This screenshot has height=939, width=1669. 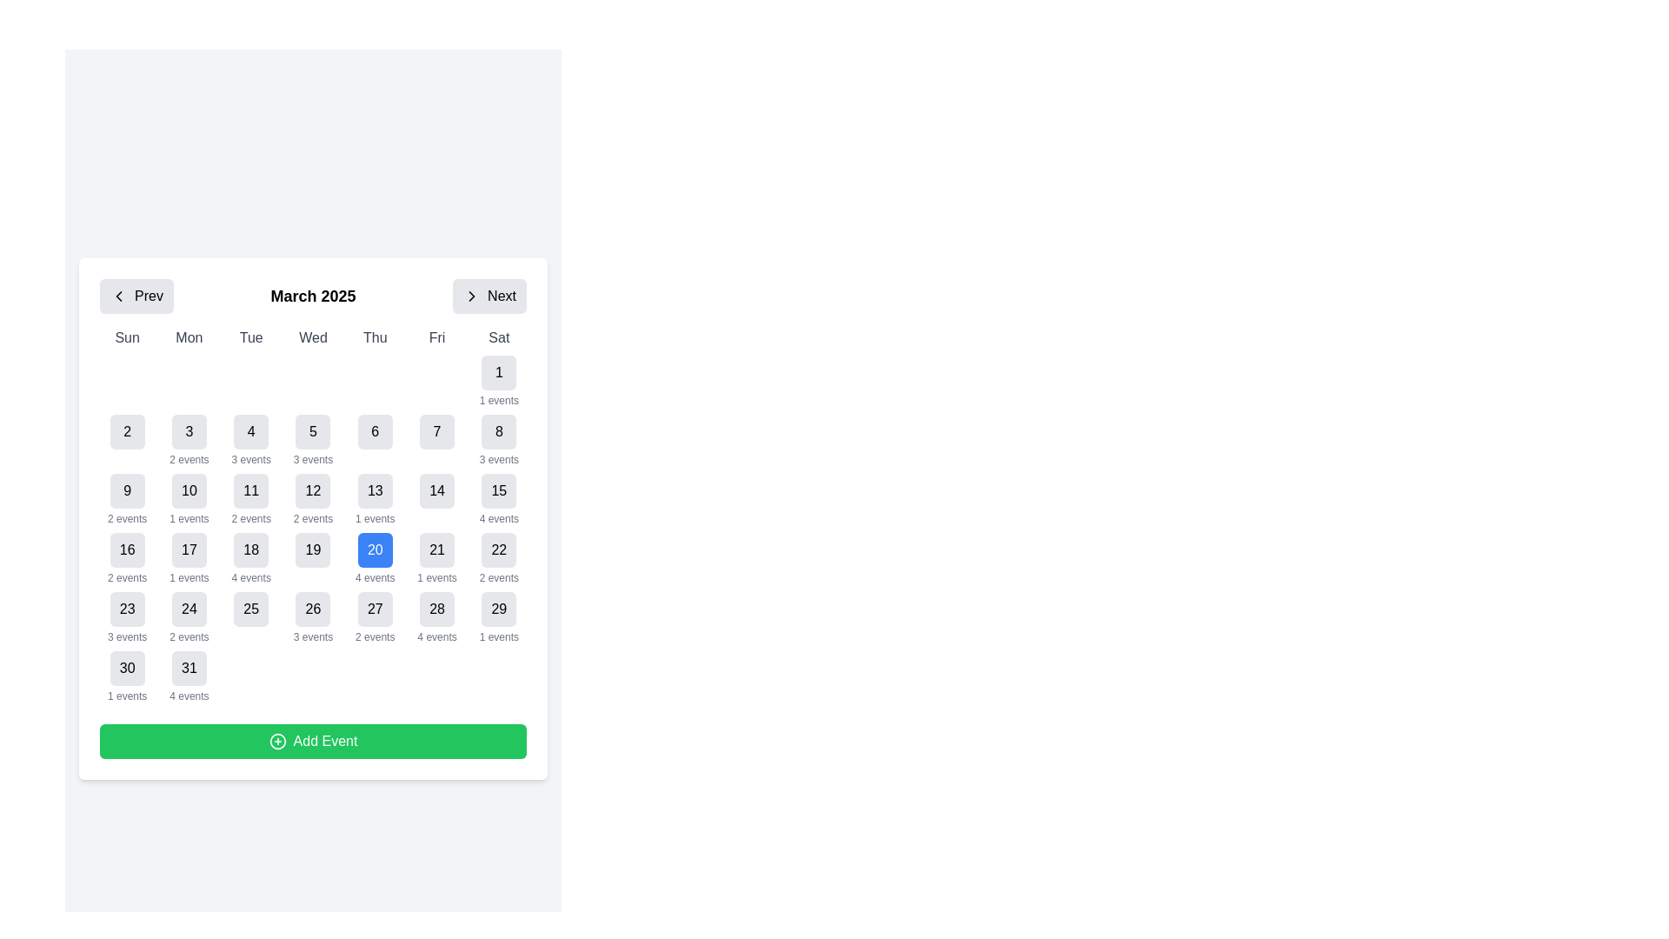 I want to click on the DateCell representing date 8 with '3 events' displayed below it, so click(x=498, y=439).